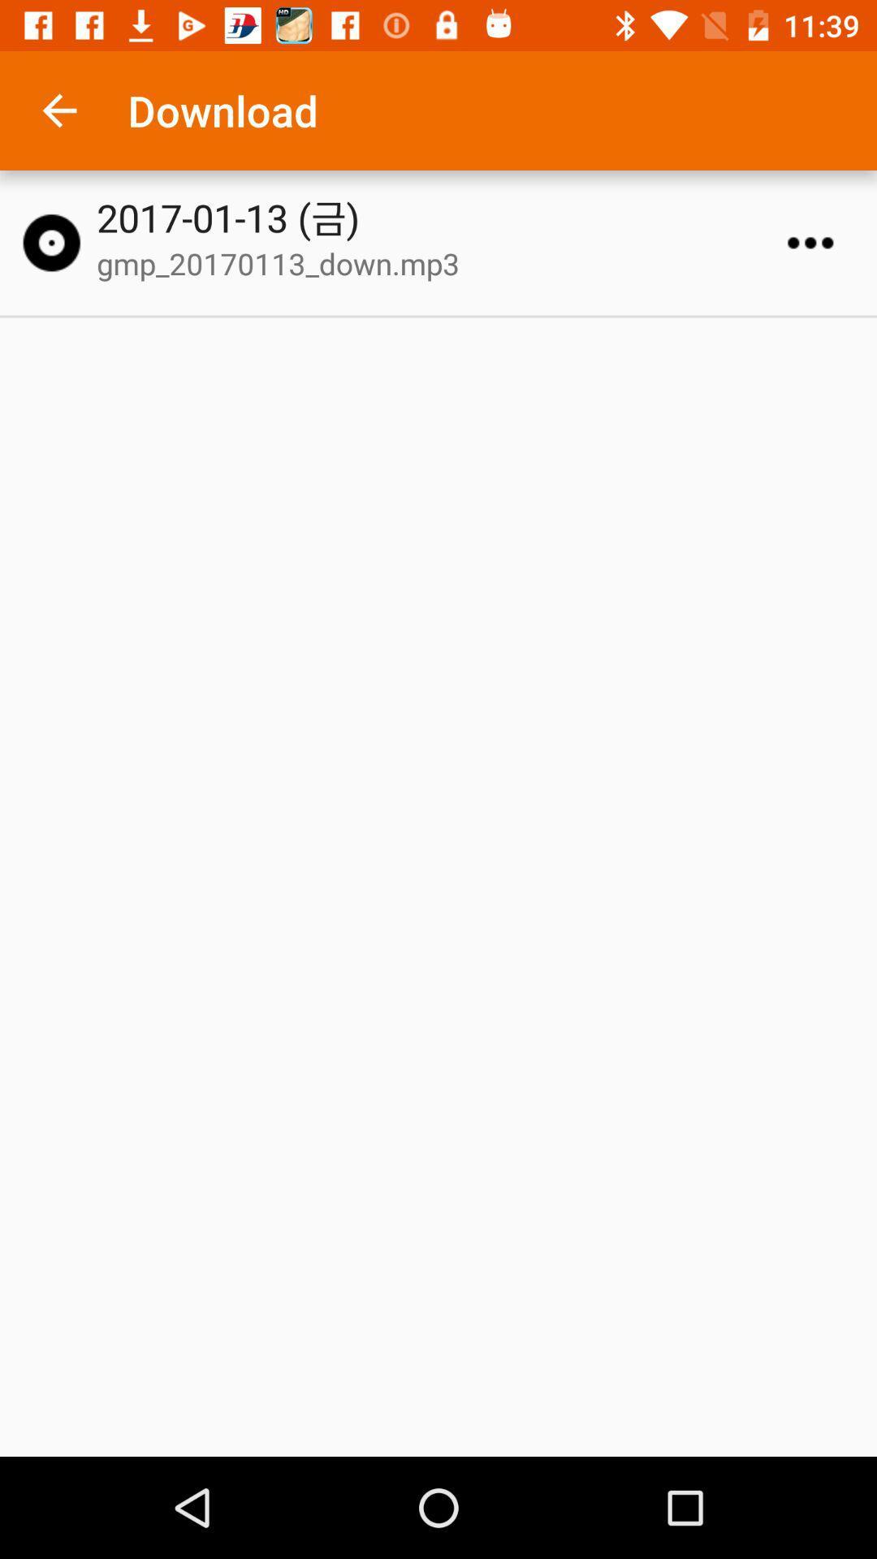 The height and width of the screenshot is (1559, 877). Describe the element at coordinates (58, 110) in the screenshot. I see `item above the 2017 01 13` at that location.